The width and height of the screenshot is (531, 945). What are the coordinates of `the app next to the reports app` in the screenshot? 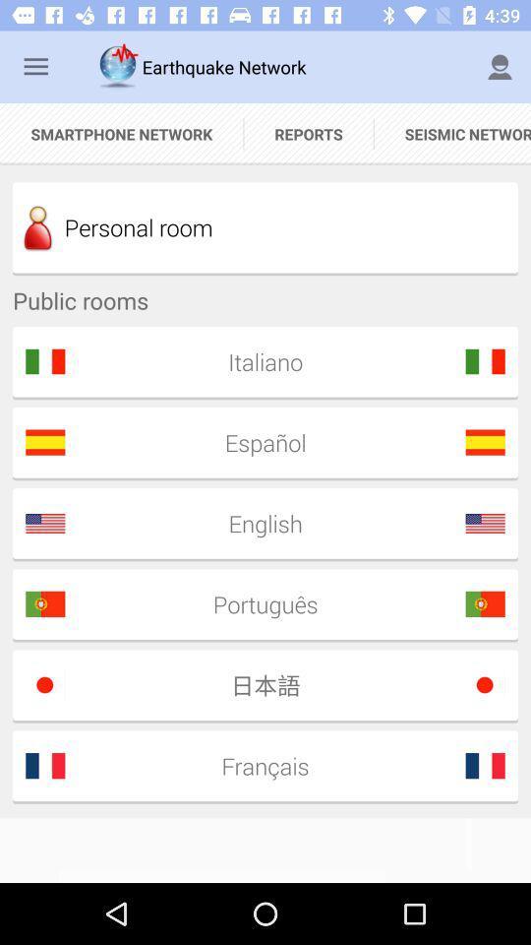 It's located at (121, 133).